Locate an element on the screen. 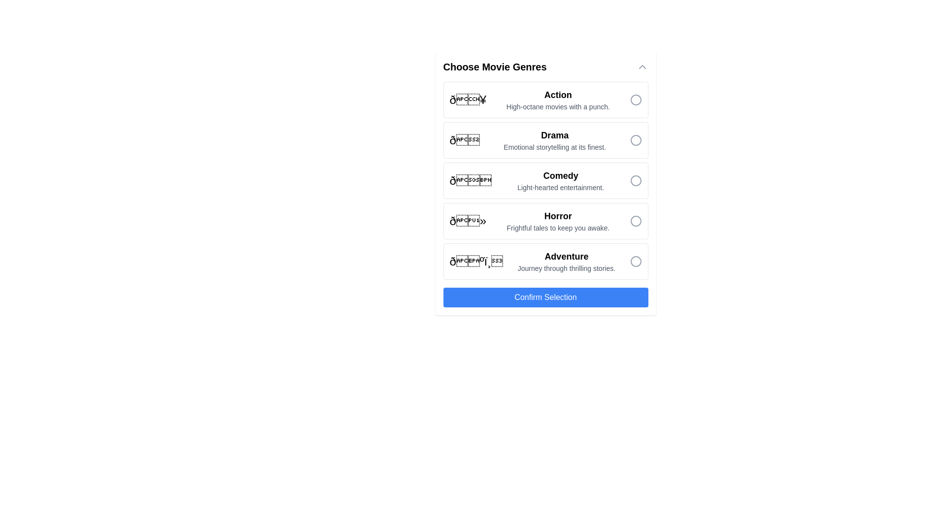 The height and width of the screenshot is (532, 946). descriptive subtitle text label for the 'Horror' genre option, which is positioned below the 'Horror' text element is located at coordinates (558, 228).